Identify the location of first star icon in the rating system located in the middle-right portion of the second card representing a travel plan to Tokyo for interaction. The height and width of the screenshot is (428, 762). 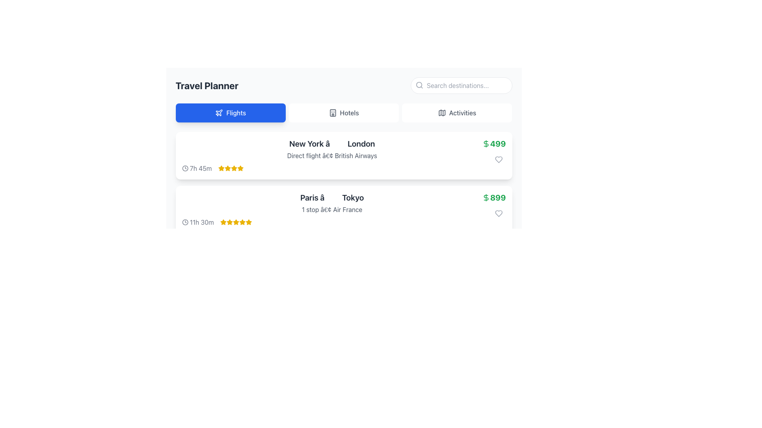
(223, 222).